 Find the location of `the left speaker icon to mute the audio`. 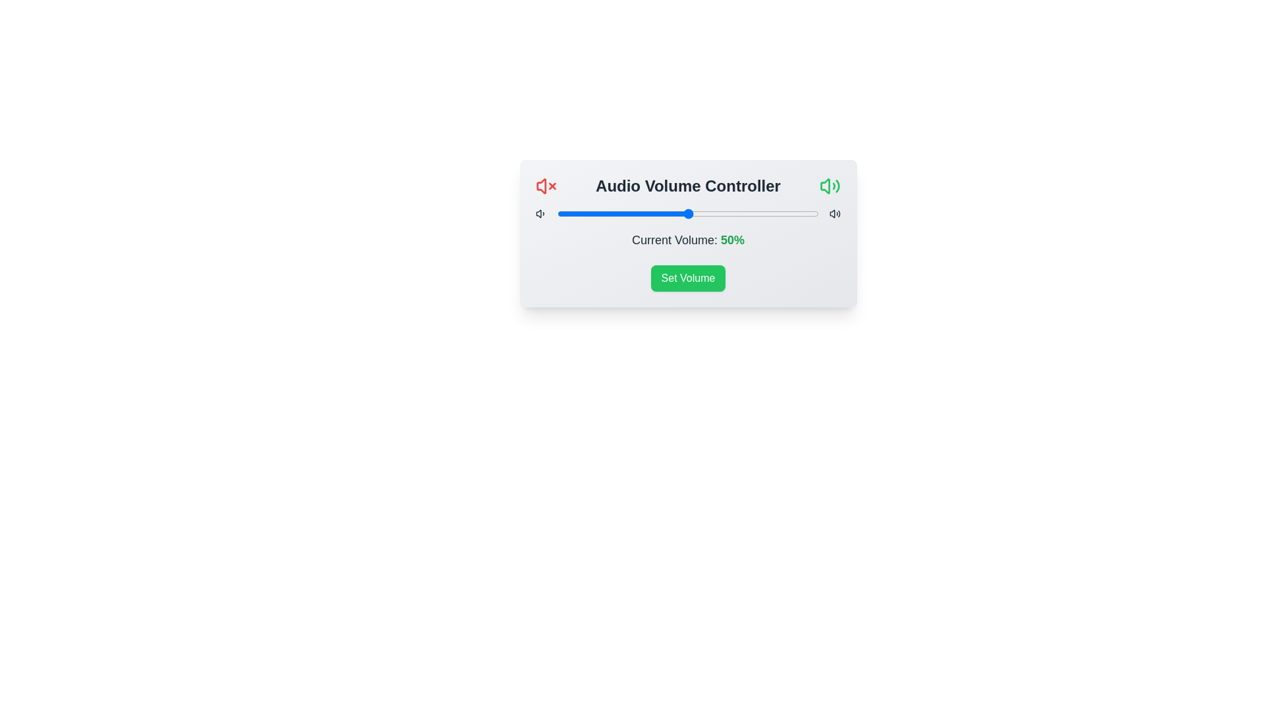

the left speaker icon to mute the audio is located at coordinates (546, 186).